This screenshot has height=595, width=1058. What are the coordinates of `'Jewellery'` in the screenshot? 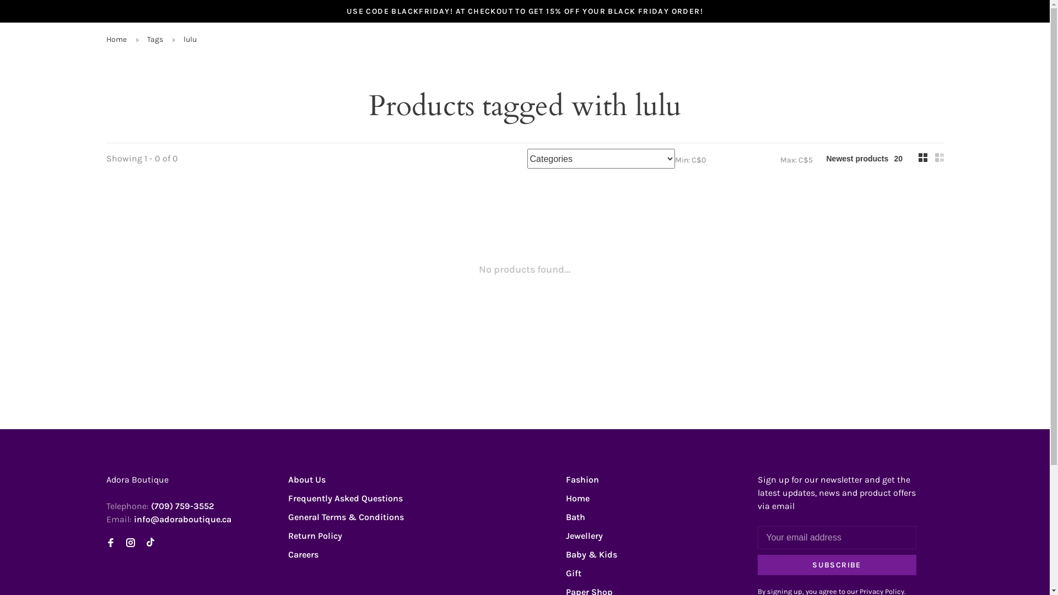 It's located at (565, 535).